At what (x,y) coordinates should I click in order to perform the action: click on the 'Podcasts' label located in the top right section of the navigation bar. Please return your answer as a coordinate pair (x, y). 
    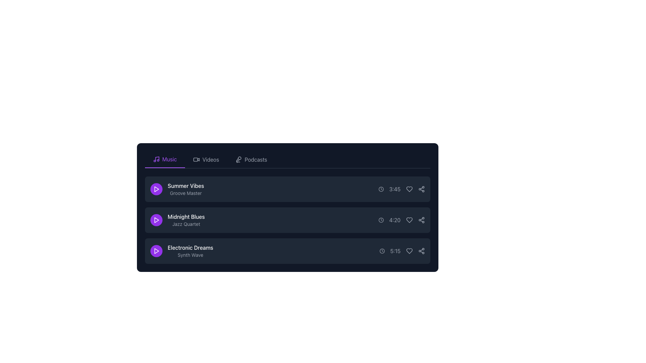
    Looking at the image, I should click on (255, 159).